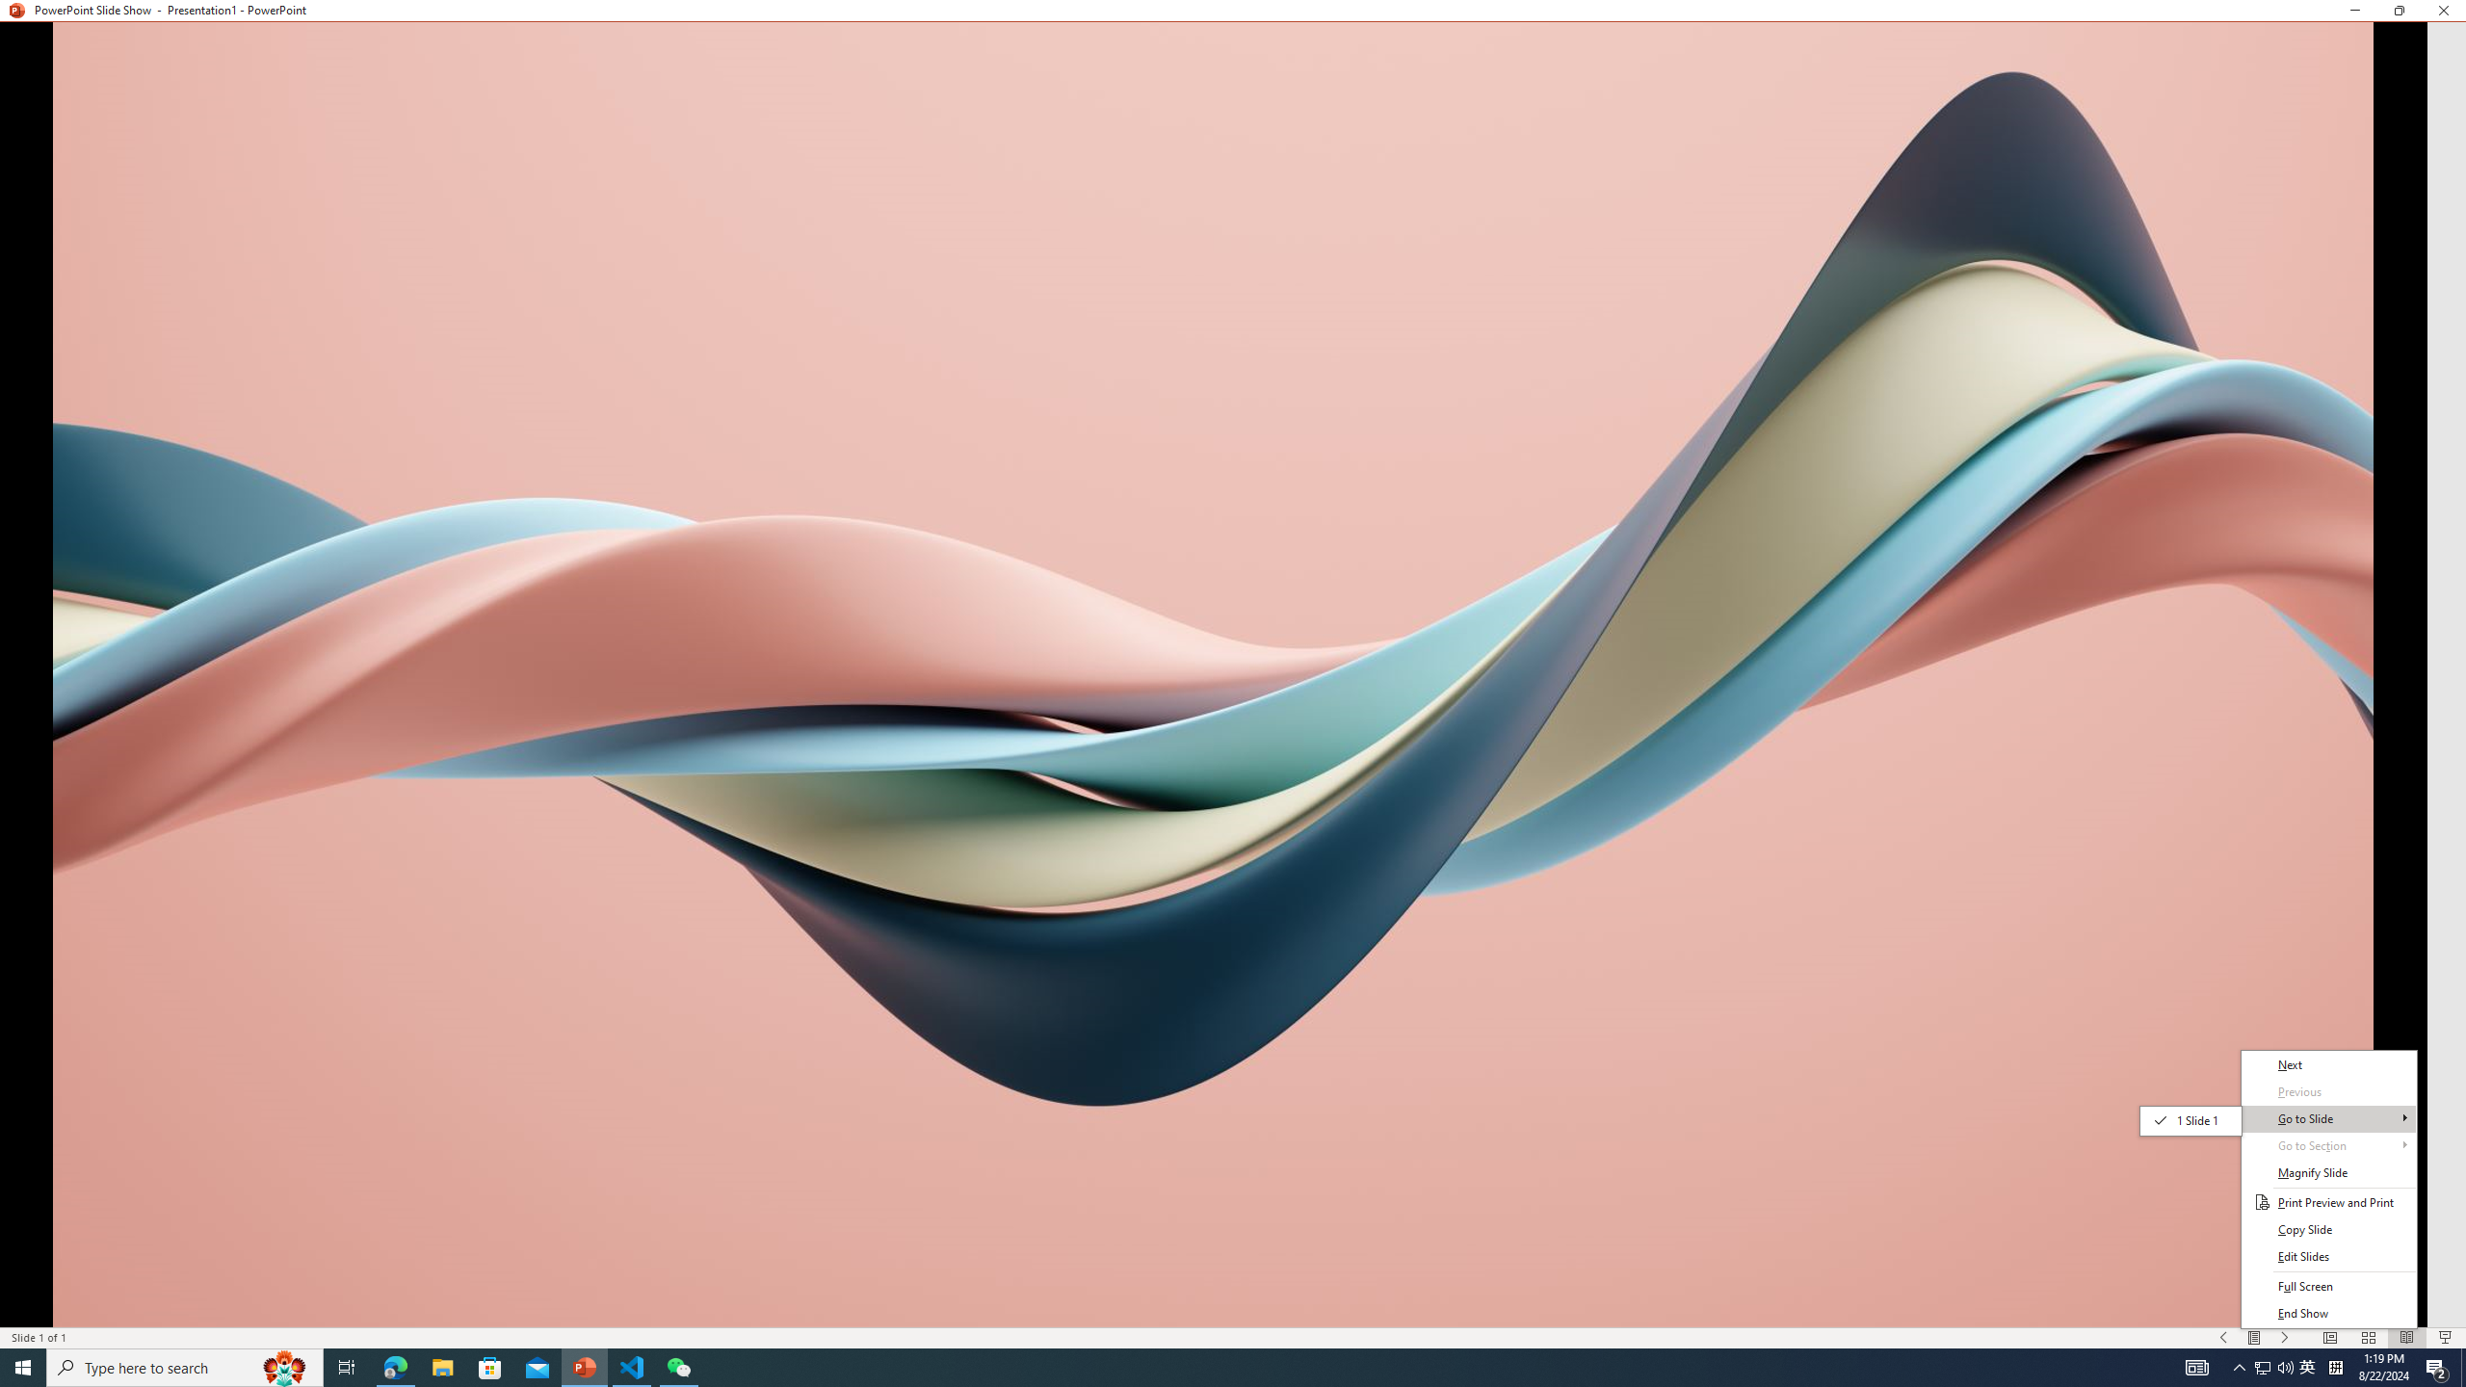 This screenshot has height=1387, width=2466. Describe the element at coordinates (2223, 1338) in the screenshot. I see `'Slide Show Previous On'` at that location.